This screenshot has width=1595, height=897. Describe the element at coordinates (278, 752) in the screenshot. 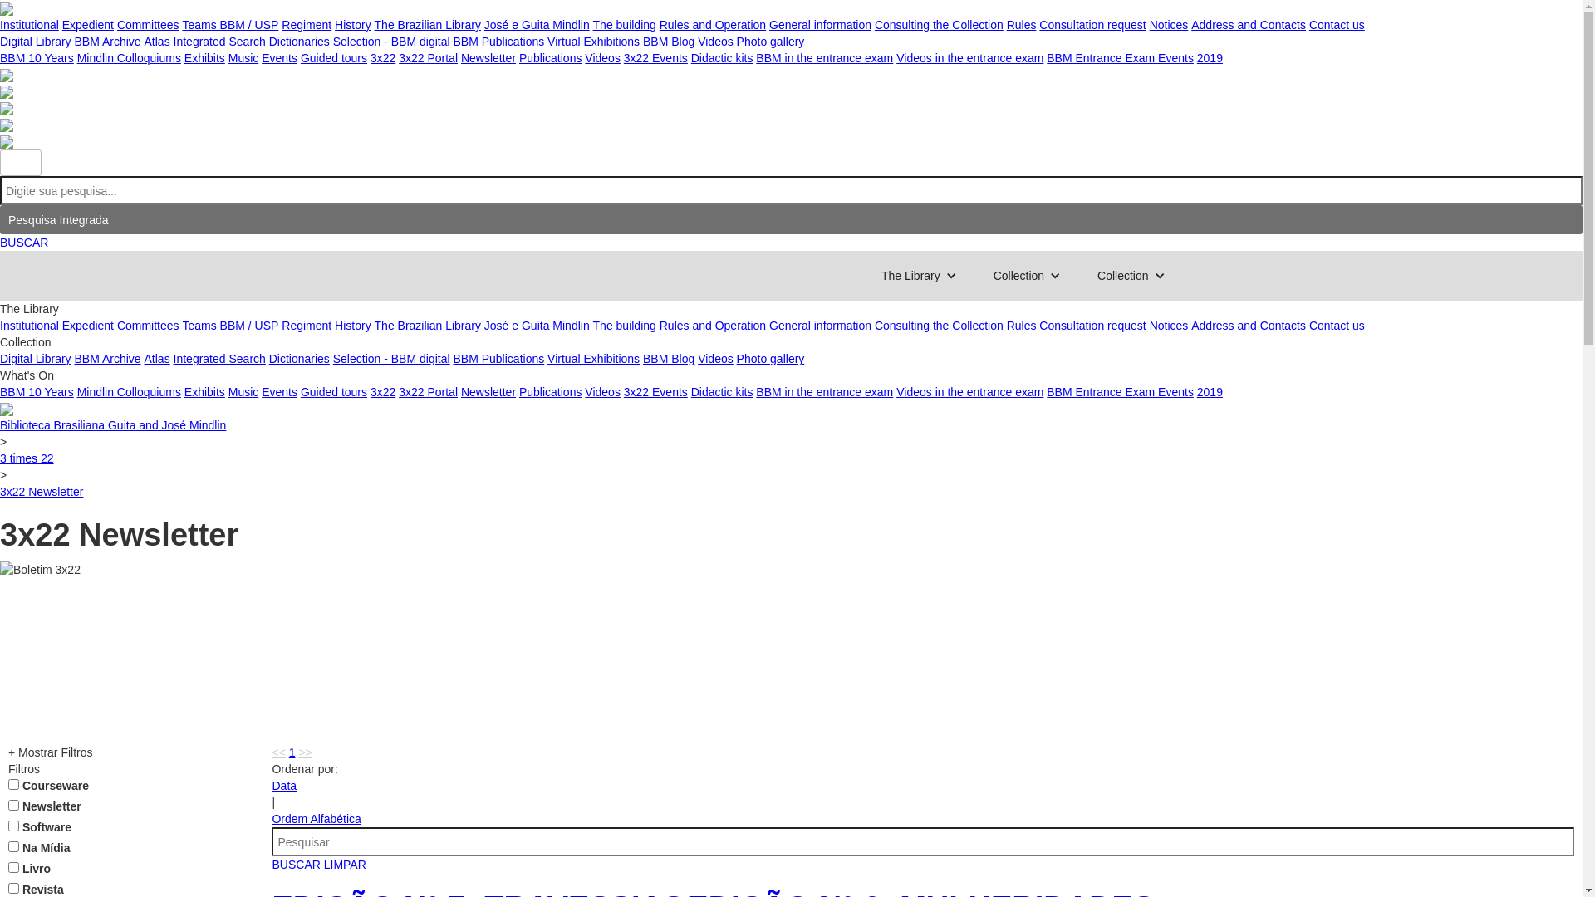

I see `'<<'` at that location.